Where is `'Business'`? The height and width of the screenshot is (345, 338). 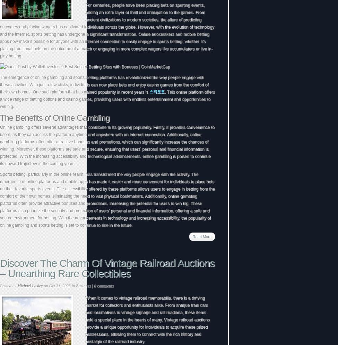
'Business' is located at coordinates (76, 286).